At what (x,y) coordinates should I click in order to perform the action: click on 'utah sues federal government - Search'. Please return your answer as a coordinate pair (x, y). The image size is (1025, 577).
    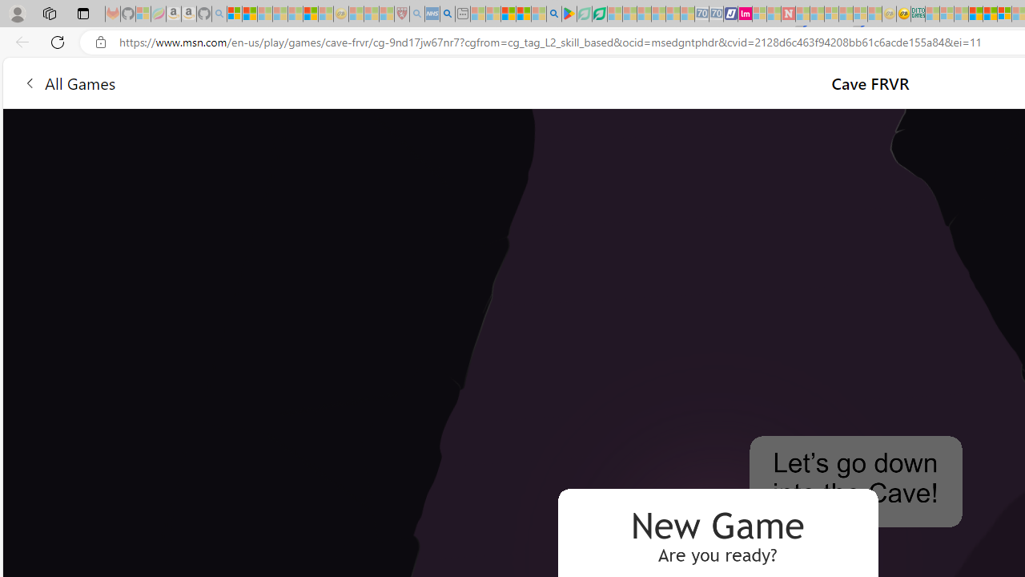
    Looking at the image, I should click on (448, 14).